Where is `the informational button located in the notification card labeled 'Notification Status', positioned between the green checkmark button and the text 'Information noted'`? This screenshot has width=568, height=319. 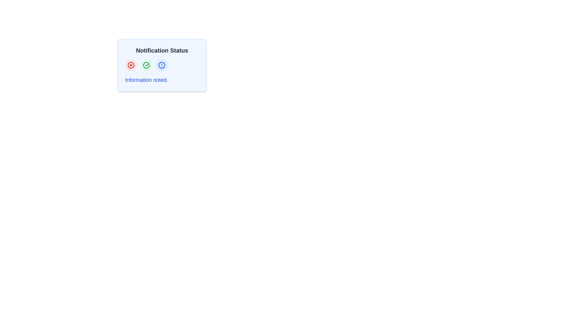 the informational button located in the notification card labeled 'Notification Status', positioned between the green checkmark button and the text 'Information noted' is located at coordinates (162, 65).